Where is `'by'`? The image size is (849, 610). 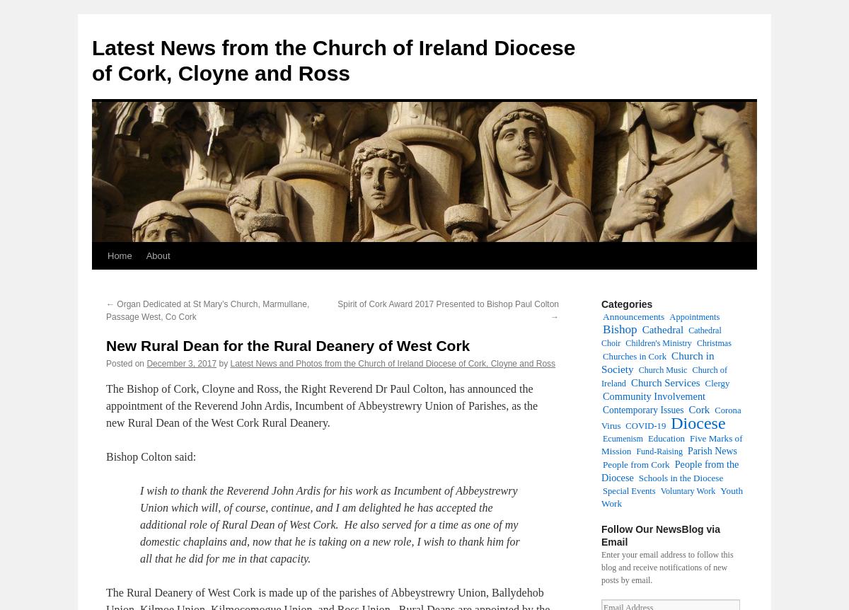
'by' is located at coordinates (223, 363).